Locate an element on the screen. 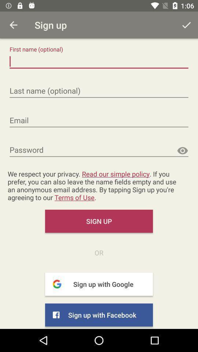 This screenshot has height=352, width=198. last name is located at coordinates (99, 91).